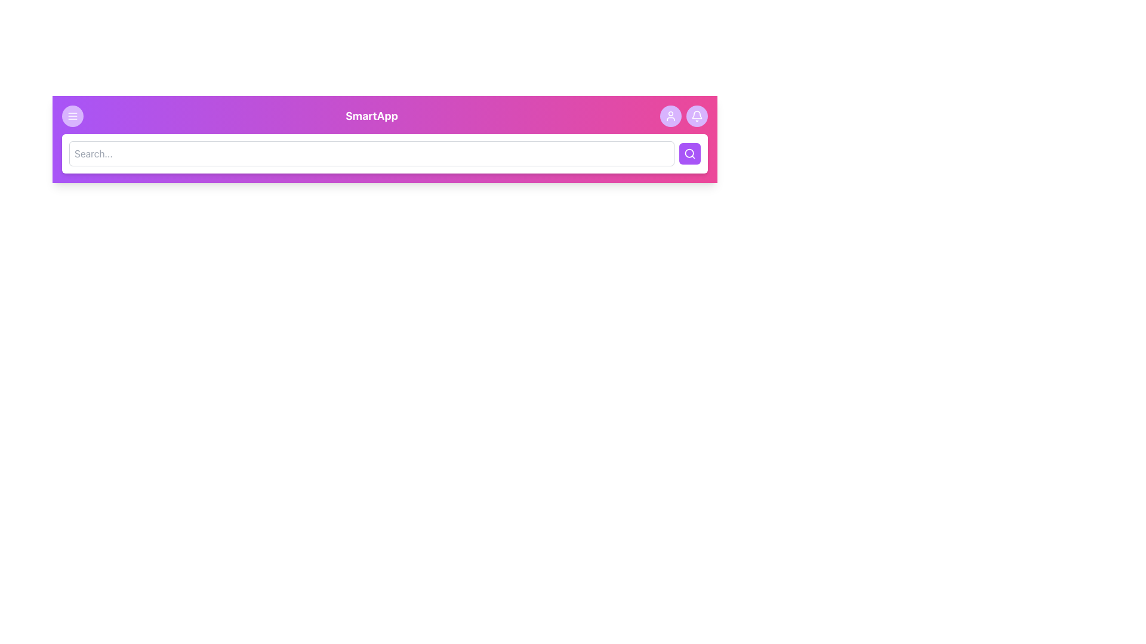 This screenshot has height=644, width=1146. What do you see at coordinates (371, 116) in the screenshot?
I see `the bold, white text 'SmartApp' displayed prominently in the header bar against a vibrant gradient background` at bounding box center [371, 116].